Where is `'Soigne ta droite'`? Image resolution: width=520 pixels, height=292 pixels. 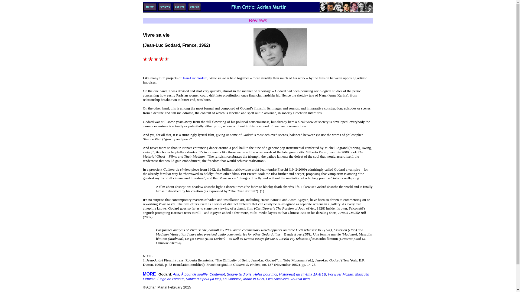
'Soigne ta droite' is located at coordinates (239, 274).